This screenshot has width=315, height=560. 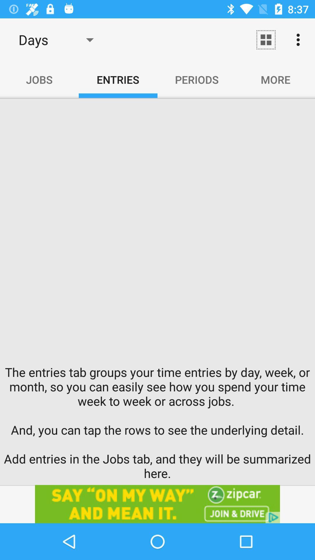 I want to click on advertisement for zipcar, so click(x=157, y=504).